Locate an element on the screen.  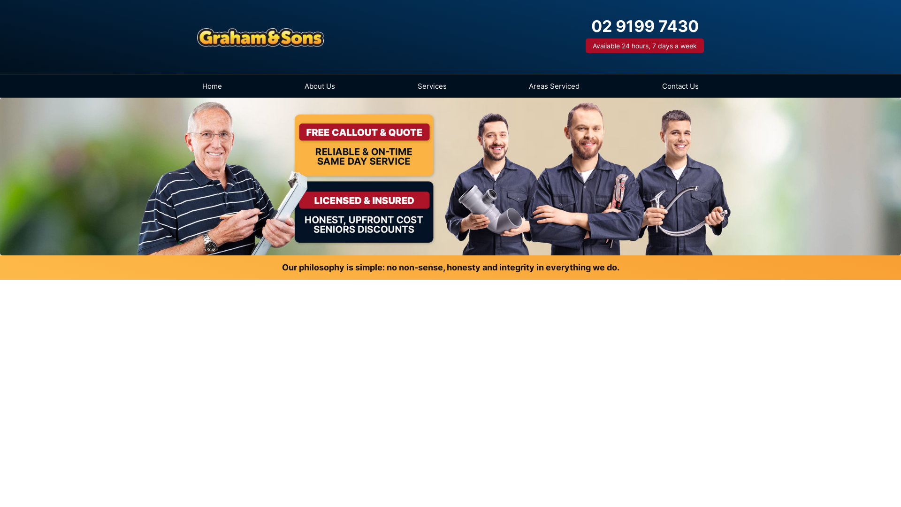
'Services' is located at coordinates (412, 86).